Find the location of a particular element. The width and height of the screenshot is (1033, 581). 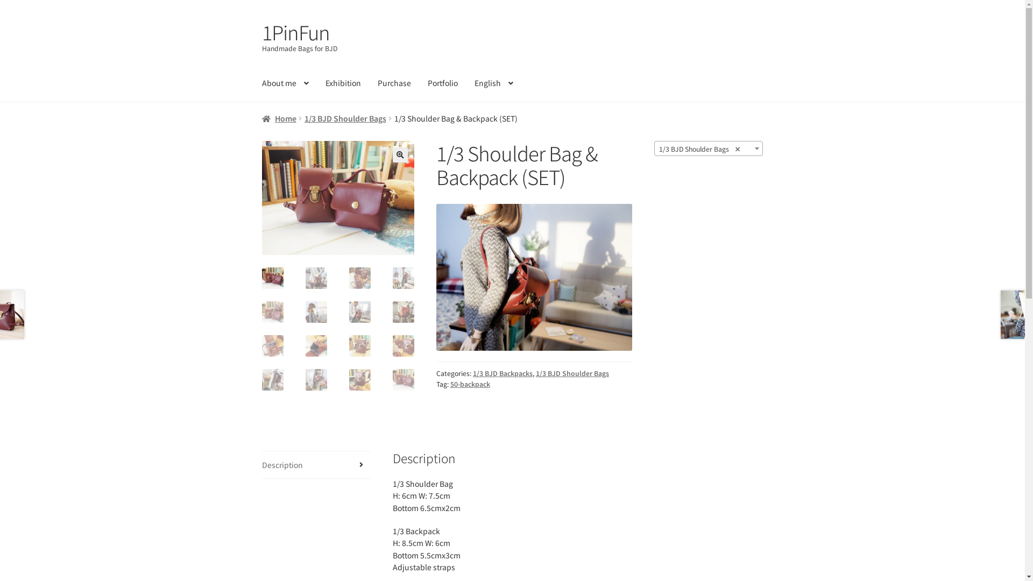

'Exhibition' is located at coordinates (343, 82).